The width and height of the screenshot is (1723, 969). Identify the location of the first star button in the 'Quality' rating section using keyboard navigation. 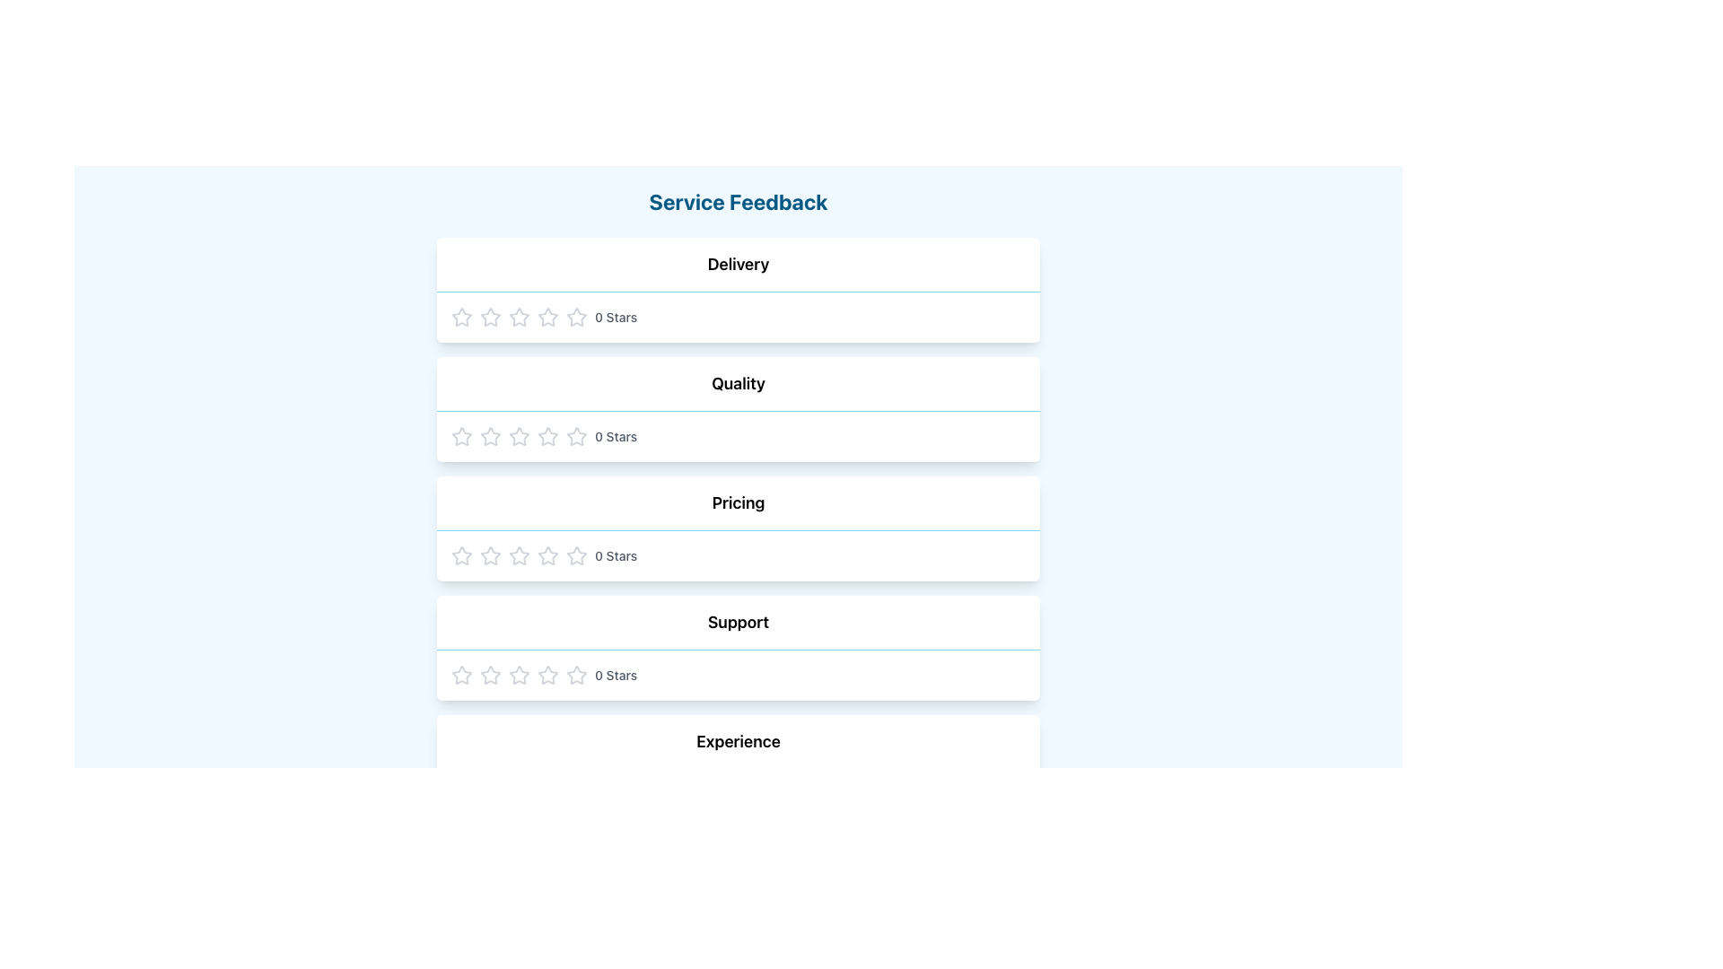
(547, 436).